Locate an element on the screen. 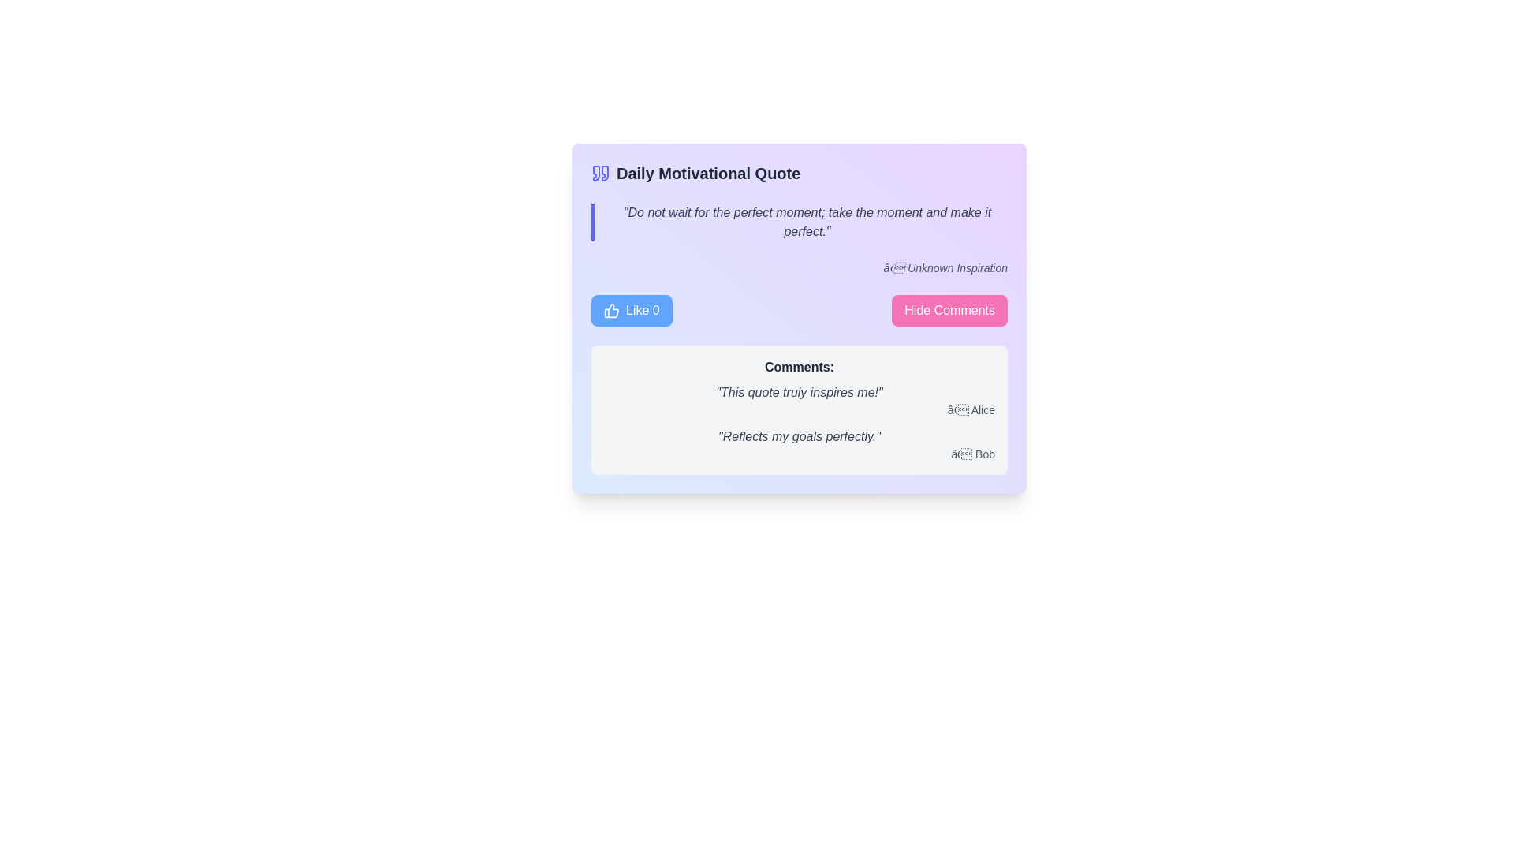  italicized text string containing the quote 'This quote truly inspires me!' located in the comments section, directly above the author 'Alice' is located at coordinates (799, 391).